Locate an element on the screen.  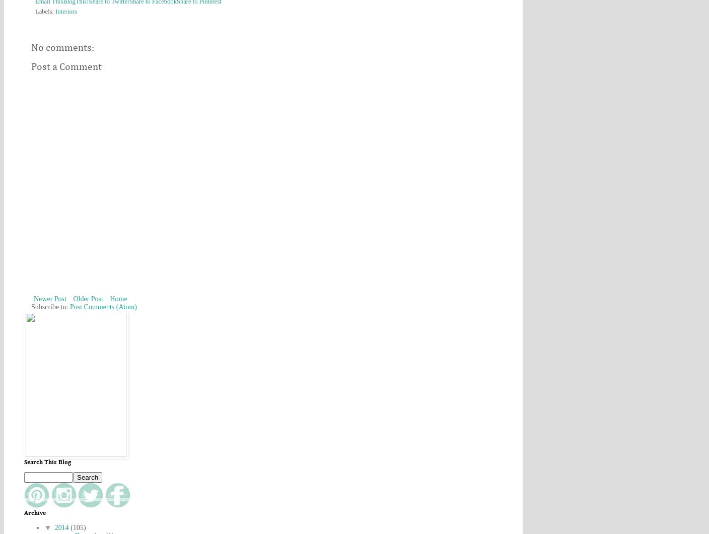
'(105)' is located at coordinates (78, 527).